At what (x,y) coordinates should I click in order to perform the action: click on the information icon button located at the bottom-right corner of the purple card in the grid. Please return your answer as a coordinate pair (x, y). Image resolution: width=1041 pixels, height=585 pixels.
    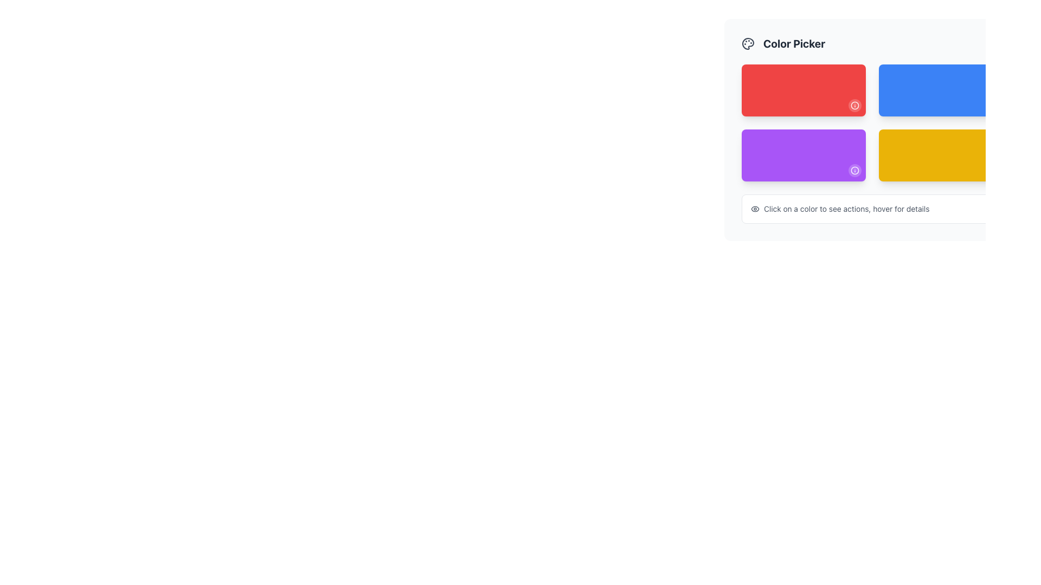
    Looking at the image, I should click on (854, 171).